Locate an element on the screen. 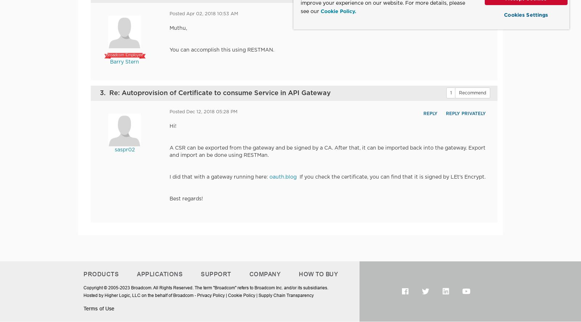 The width and height of the screenshot is (581, 322). 'Copyright © 2005-2023 Broadcom. All Rights Reserved. The term "Broadcom" refers to Broadcom Inc. and/or its subsidiaries.' is located at coordinates (206, 288).